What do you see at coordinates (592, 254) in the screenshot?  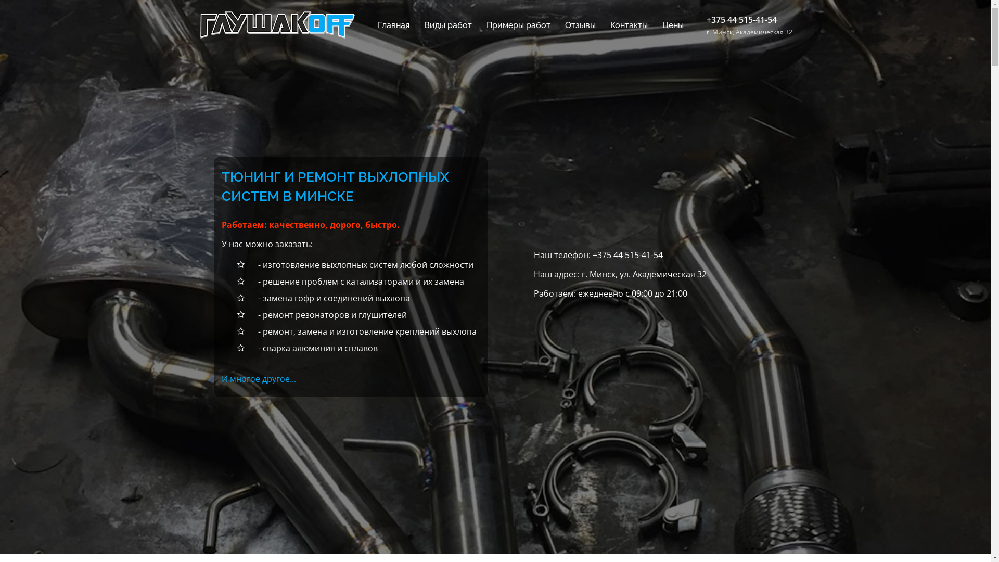 I see `'+375 44 515-41-54'` at bounding box center [592, 254].